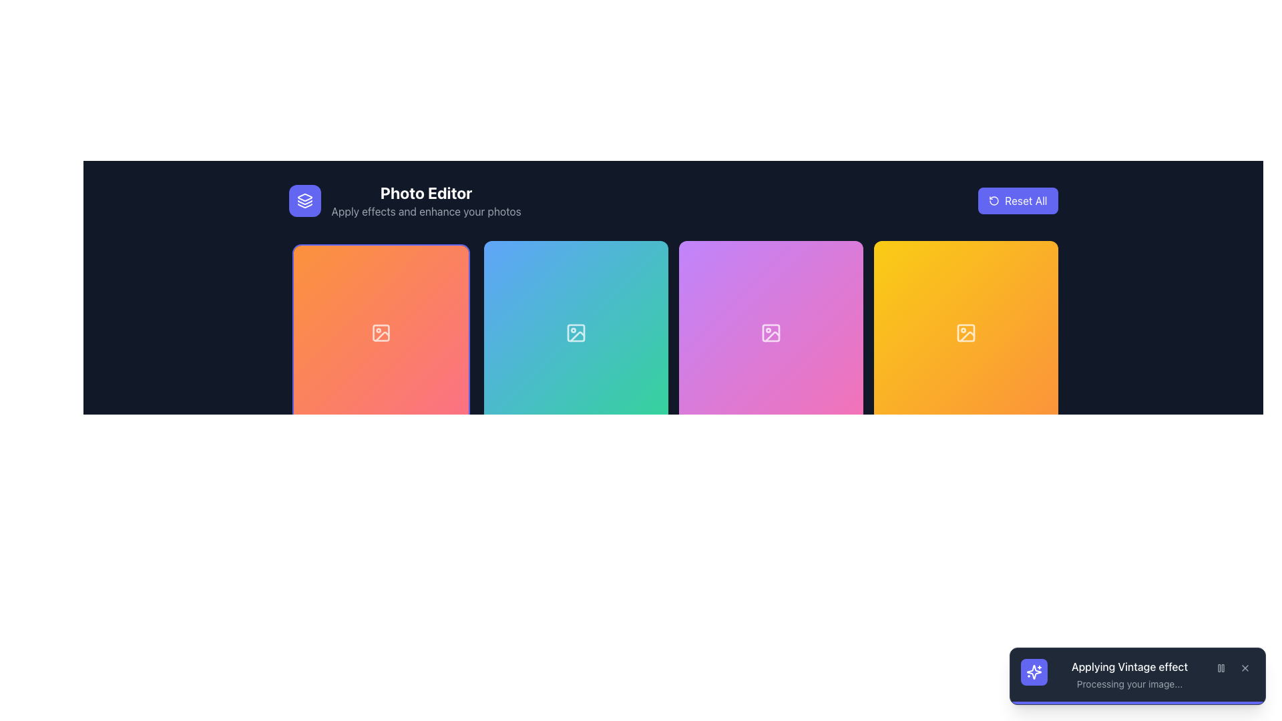 The width and height of the screenshot is (1282, 721). Describe the element at coordinates (994, 200) in the screenshot. I see `the reset icon located within the 'Reset All' button` at that location.